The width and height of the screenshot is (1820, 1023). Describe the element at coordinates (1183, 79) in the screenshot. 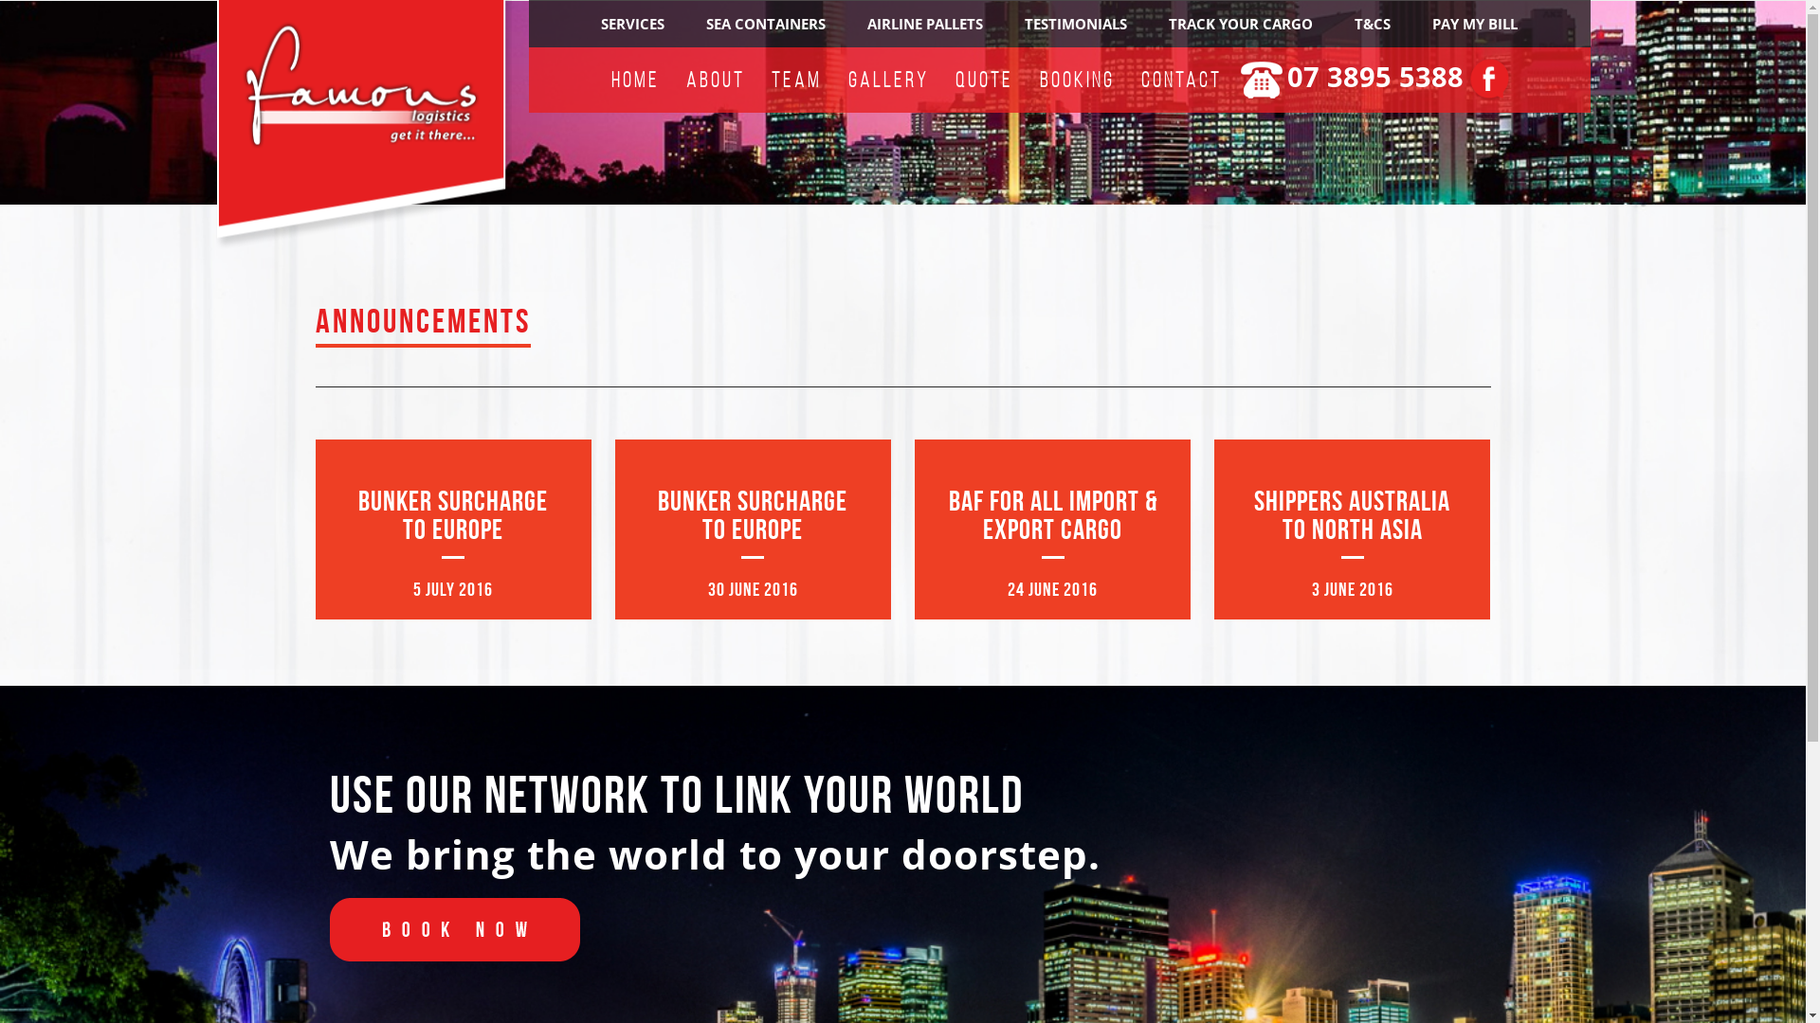

I see `'CONTACT'` at that location.